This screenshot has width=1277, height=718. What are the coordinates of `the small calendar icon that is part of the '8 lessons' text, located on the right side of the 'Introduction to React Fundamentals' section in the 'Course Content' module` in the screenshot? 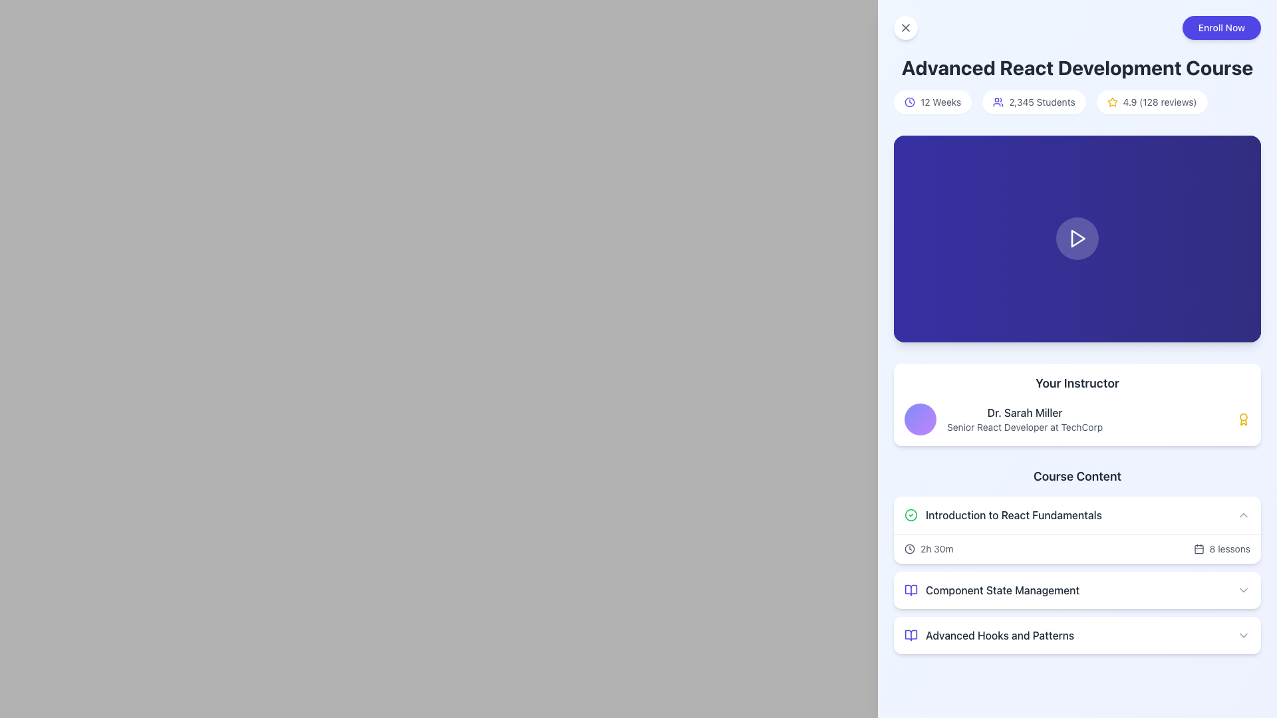 It's located at (1199, 548).